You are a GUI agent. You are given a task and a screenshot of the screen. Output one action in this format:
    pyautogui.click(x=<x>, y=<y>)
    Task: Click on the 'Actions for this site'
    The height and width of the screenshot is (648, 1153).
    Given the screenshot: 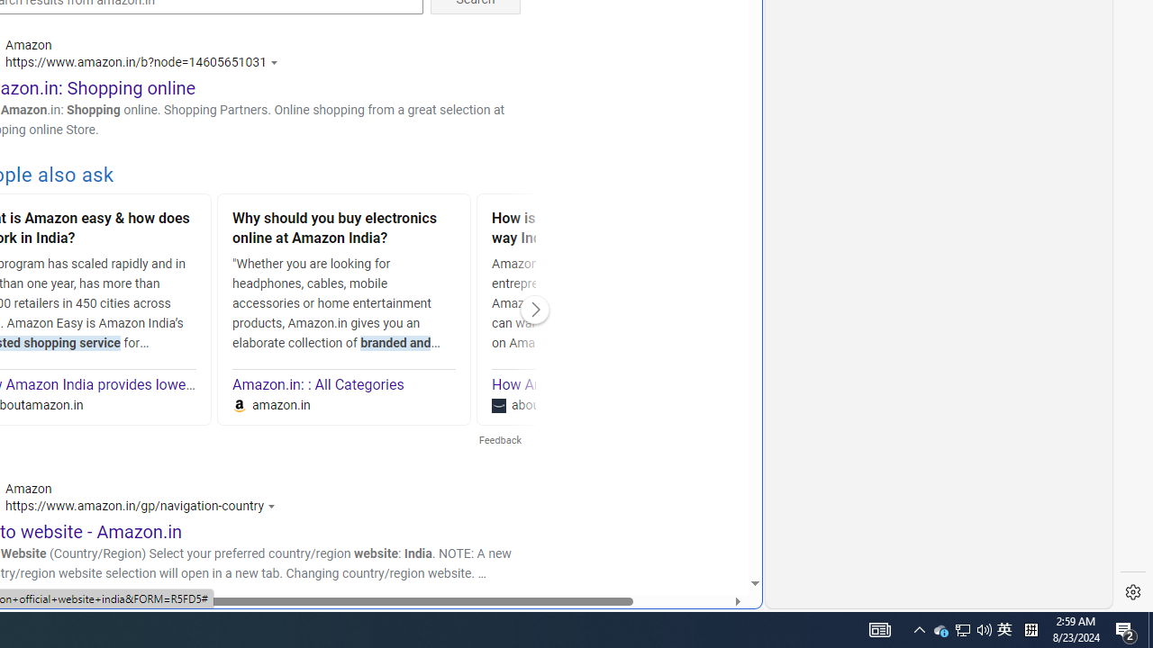 What is the action you would take?
    pyautogui.click(x=274, y=507)
    